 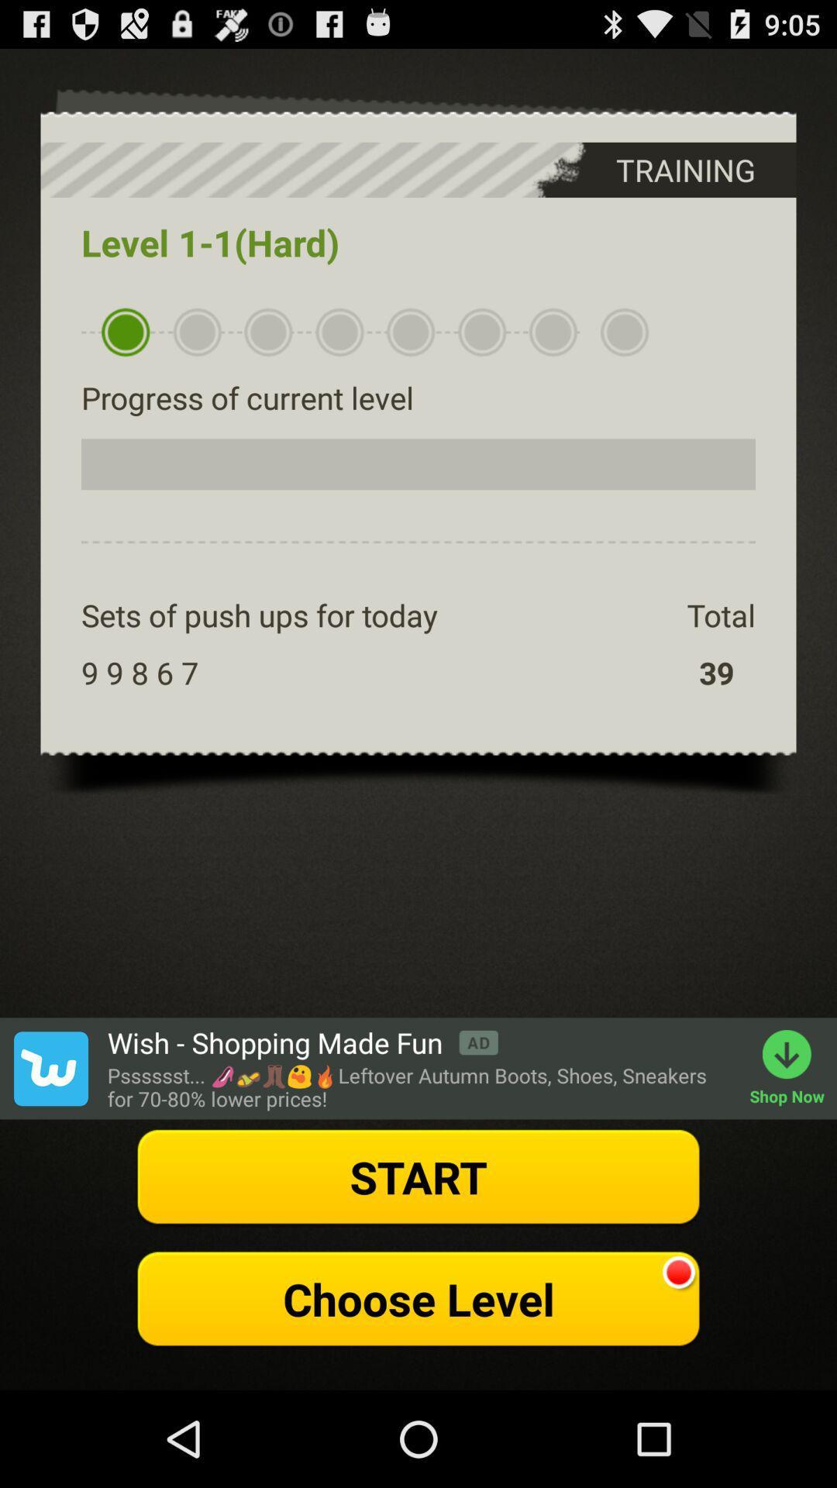 What do you see at coordinates (50, 1143) in the screenshot?
I see `the twitter icon` at bounding box center [50, 1143].